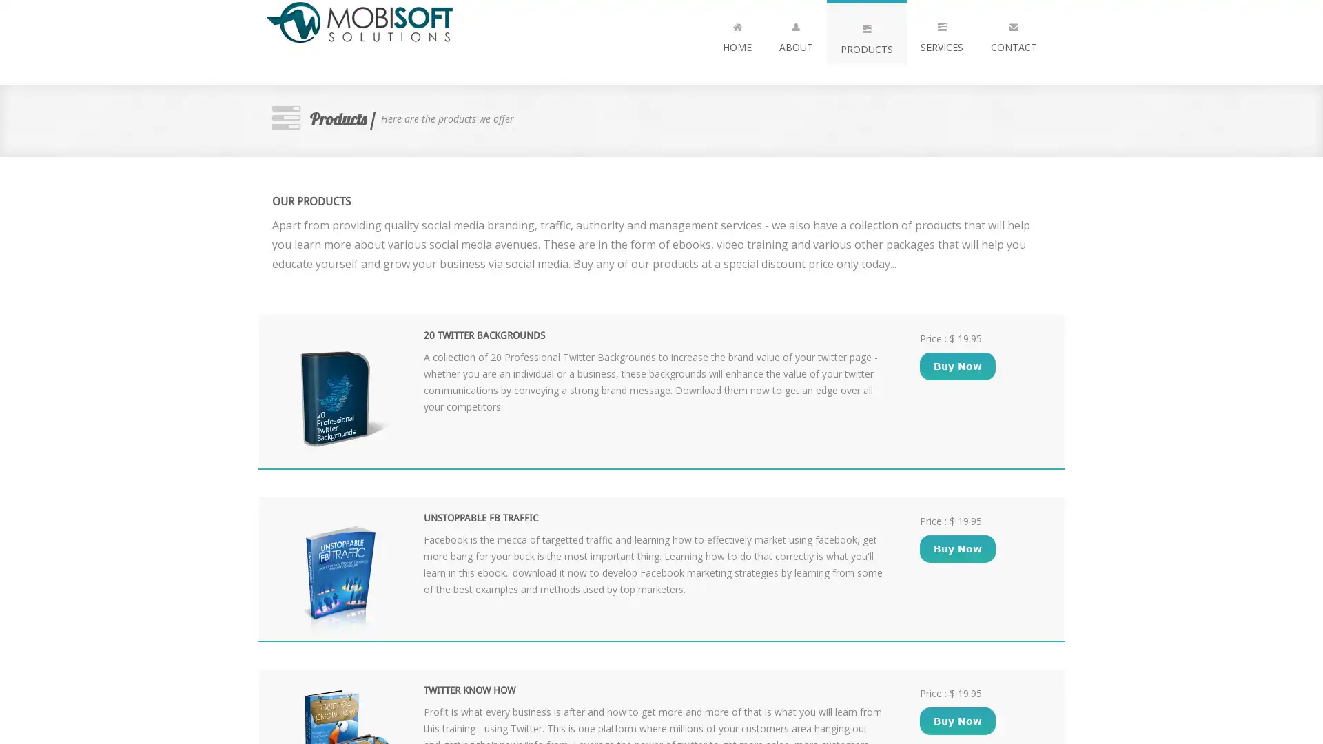 This screenshot has width=1323, height=744. I want to click on Buy Now, so click(957, 366).